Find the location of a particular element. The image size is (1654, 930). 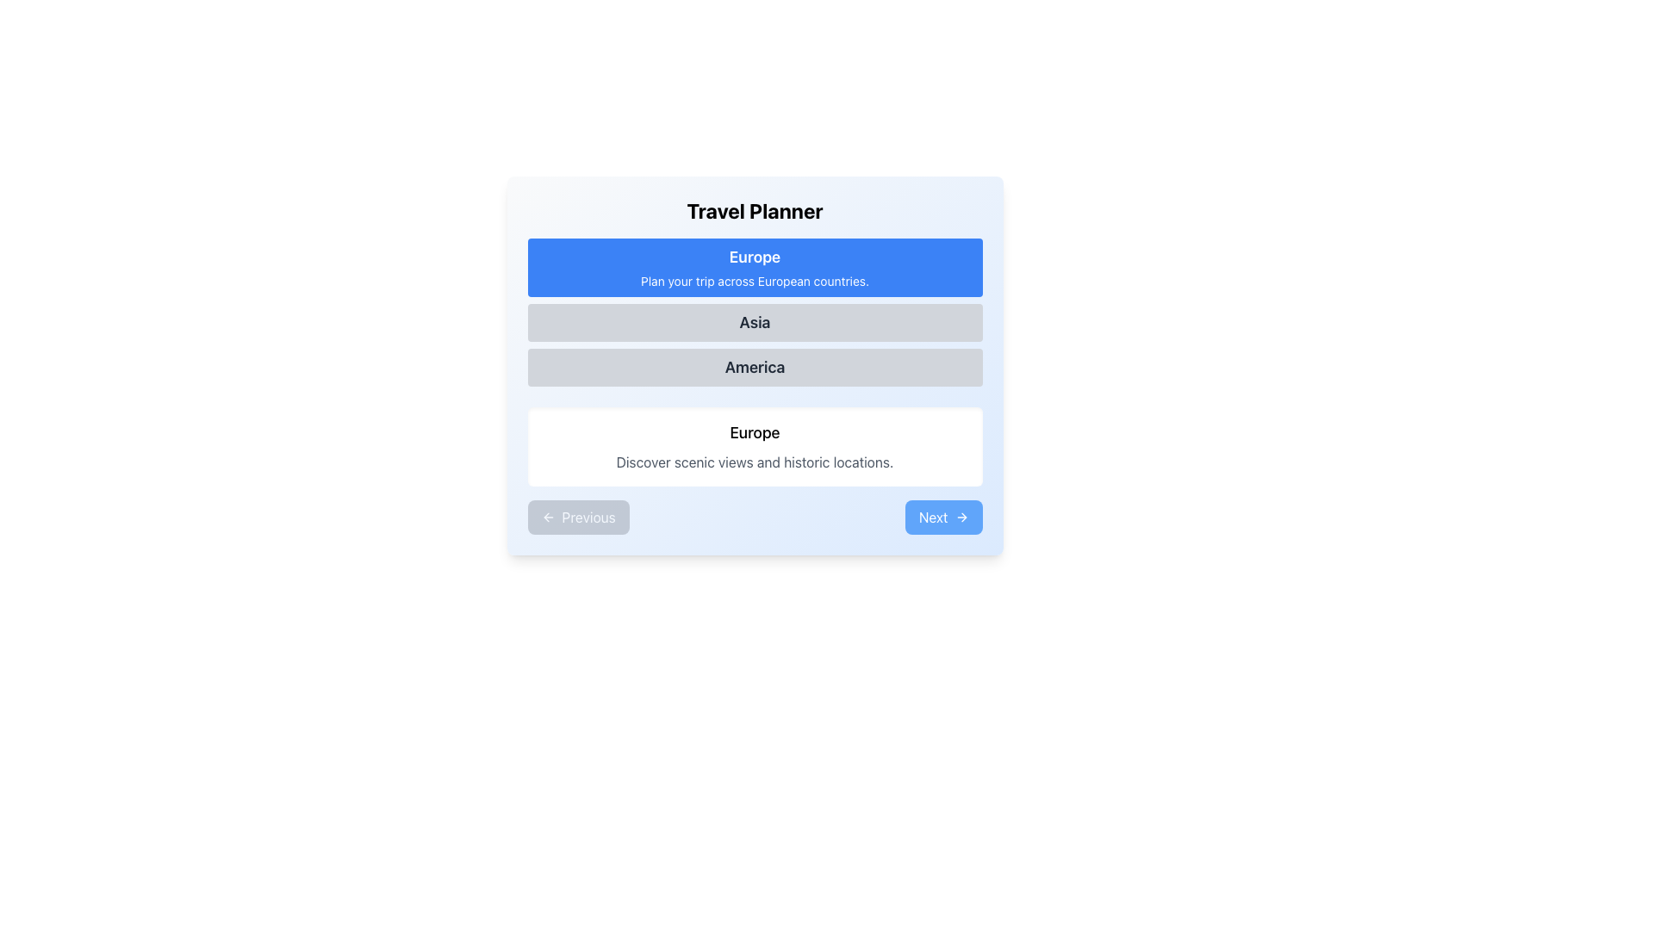

the text label that reads 'Plan your trip across European countries.' which is displayed below the larger text 'Europe' within a blue rectangular background is located at coordinates (755, 281).